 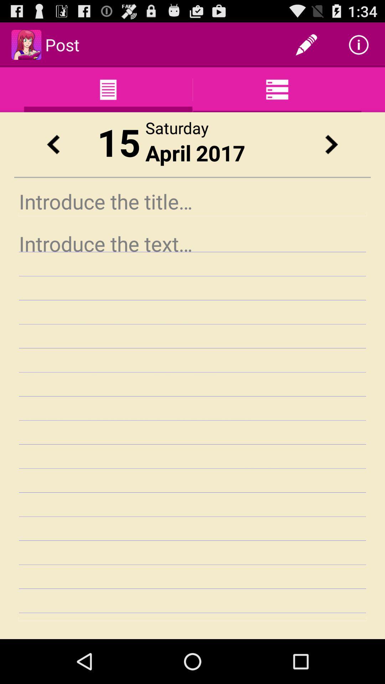 I want to click on item to the right of post icon, so click(x=306, y=44).